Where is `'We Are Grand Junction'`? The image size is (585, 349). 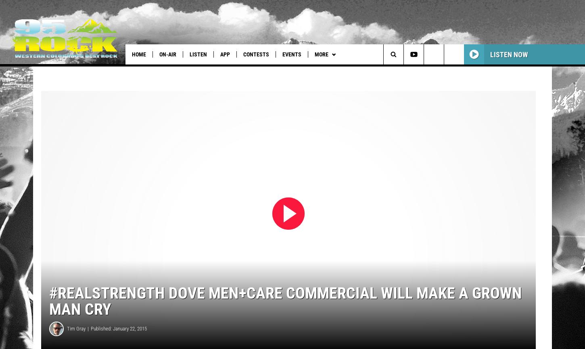 'We Are Grand Junction' is located at coordinates (136, 71).